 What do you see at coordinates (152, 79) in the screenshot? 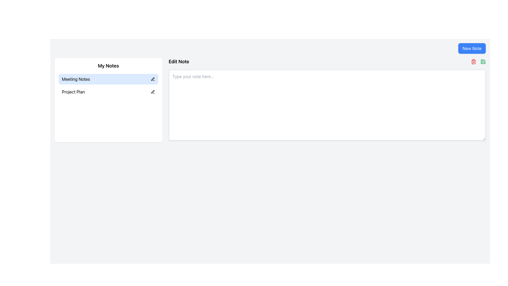
I see `the pen-like icon located to the right of the 'Meeting Notes' text in the 'My Notes' section of the left panel` at bounding box center [152, 79].